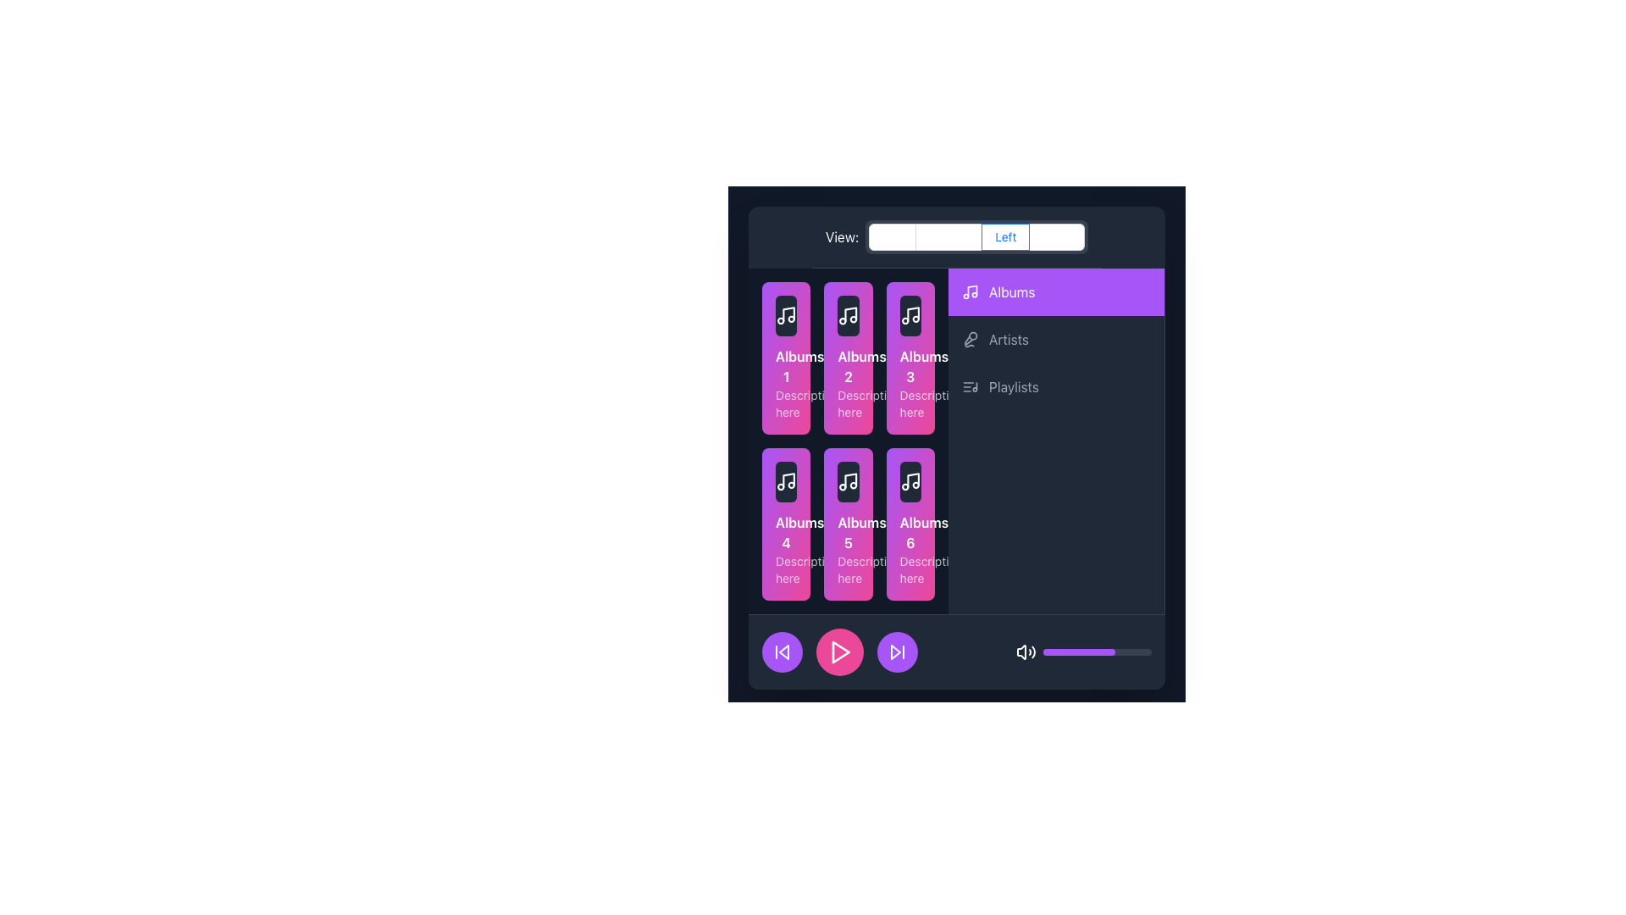 Image resolution: width=1626 pixels, height=915 pixels. Describe the element at coordinates (1056, 652) in the screenshot. I see `the volume level` at that location.